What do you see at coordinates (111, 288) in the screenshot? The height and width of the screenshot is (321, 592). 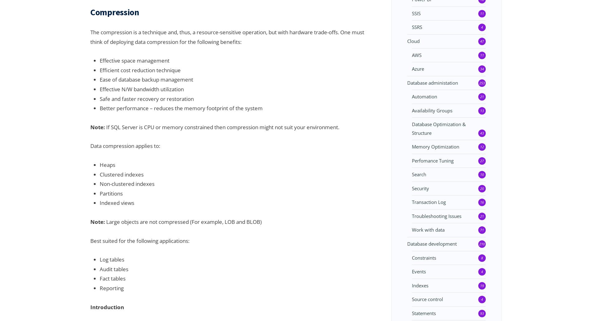 I see `'Reporting'` at bounding box center [111, 288].